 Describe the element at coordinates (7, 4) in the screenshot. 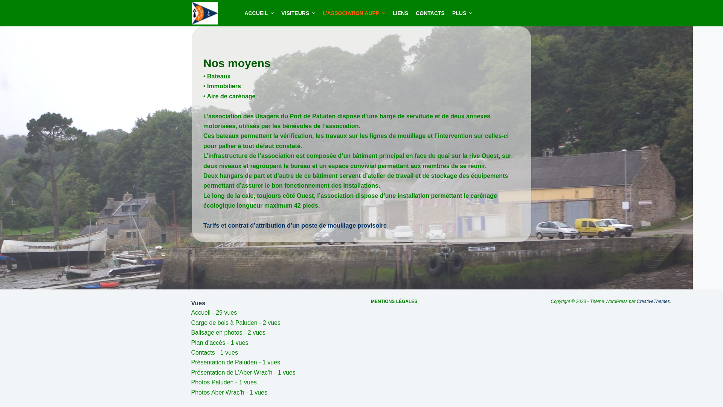

I see `'Passer au contenu'` at that location.